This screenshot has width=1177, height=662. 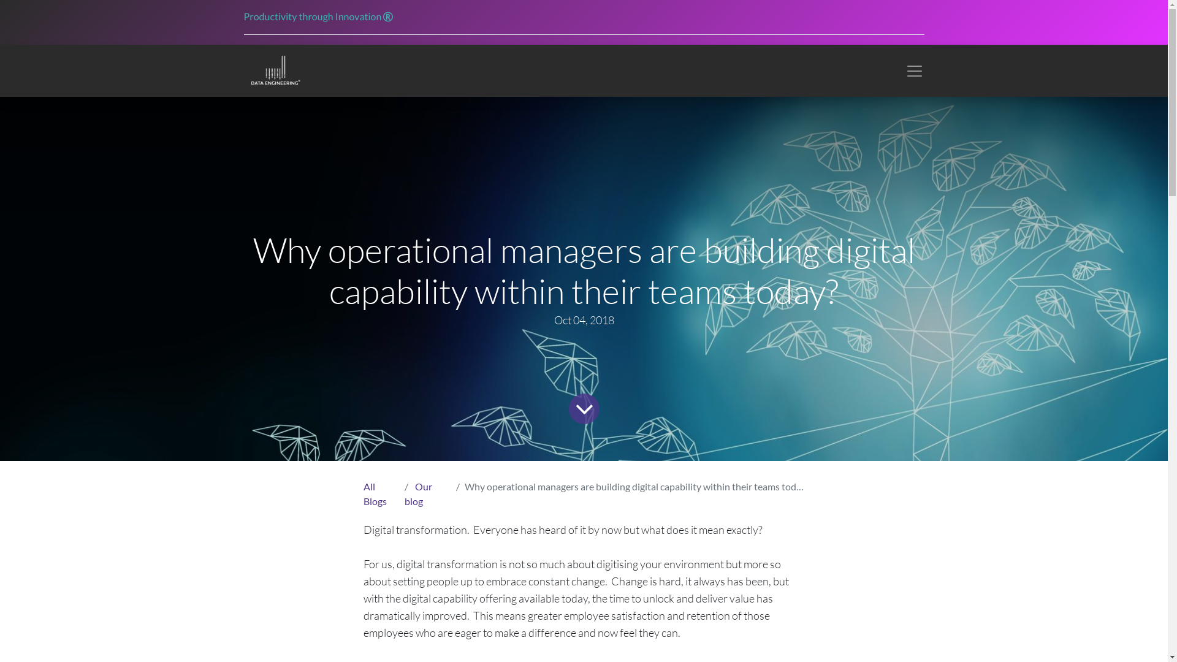 I want to click on 'All Blogs', so click(x=373, y=493).